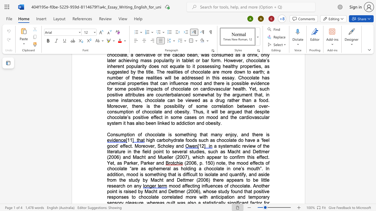 The width and height of the screenshot is (376, 211). I want to click on the space between the continuous character "e" and "a" in the text, so click(217, 157).